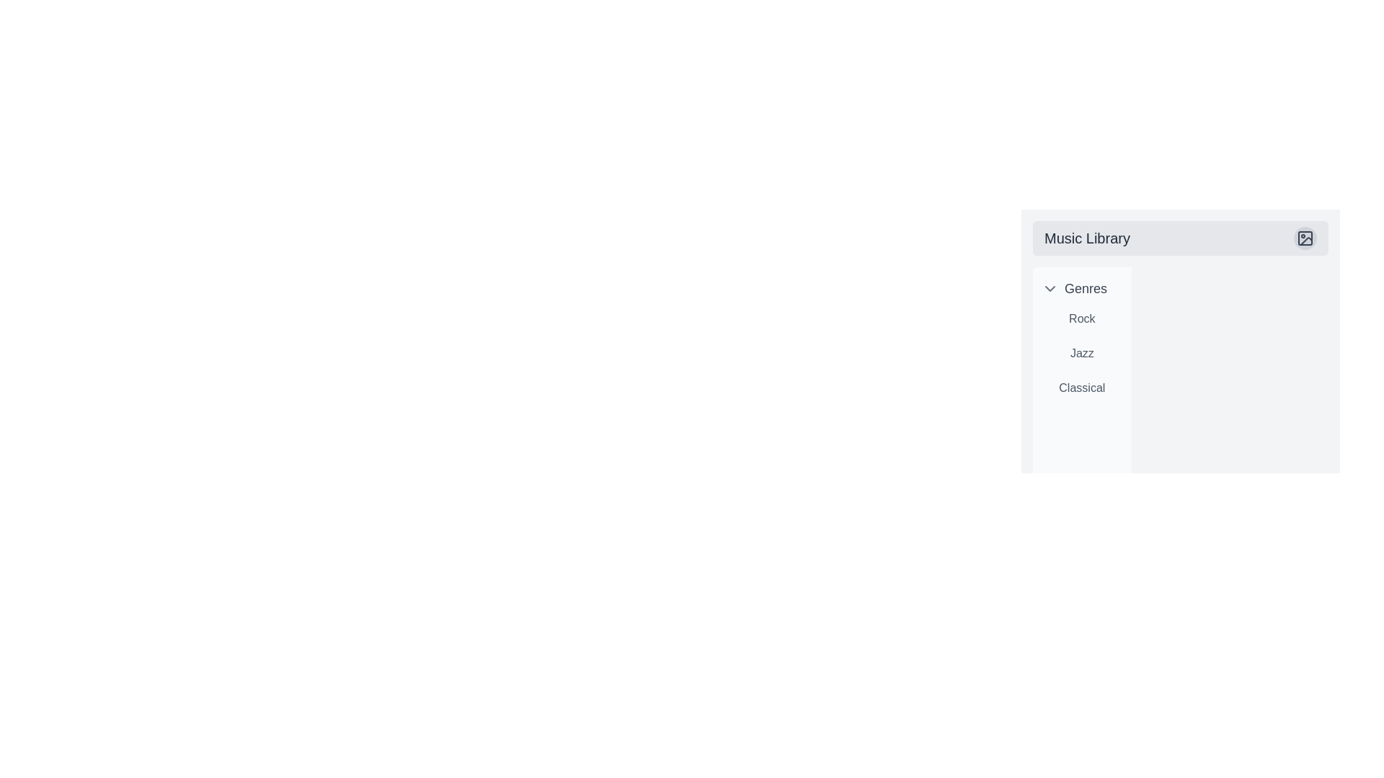 The image size is (1384, 778). What do you see at coordinates (1305, 238) in the screenshot?
I see `the largest rectangular shape with rounded corners located inside the SVG icon group in the top-right corner of the 'Music Library' header area` at bounding box center [1305, 238].